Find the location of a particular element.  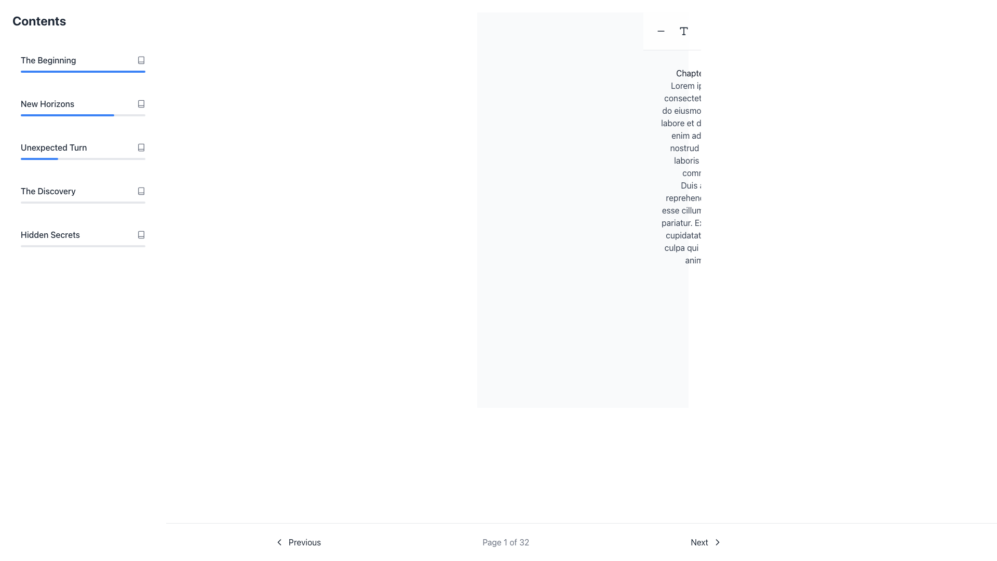

the middle icon resembling the letter 'T' is located at coordinates (683, 31).